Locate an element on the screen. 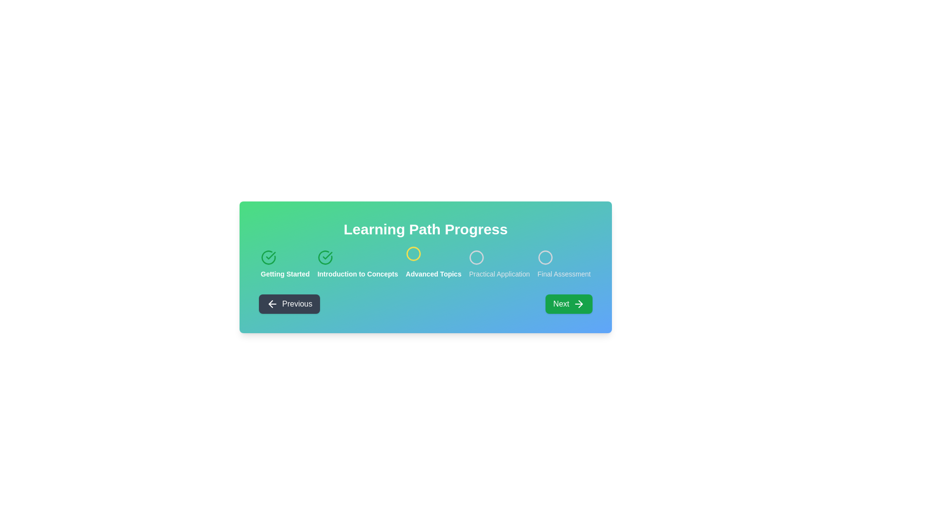 This screenshot has height=523, width=931. the circular progression indicator with a grey border located near the 'Final Assessment' label, which is the fourth item in the sequence of circular markers is located at coordinates (545, 257).